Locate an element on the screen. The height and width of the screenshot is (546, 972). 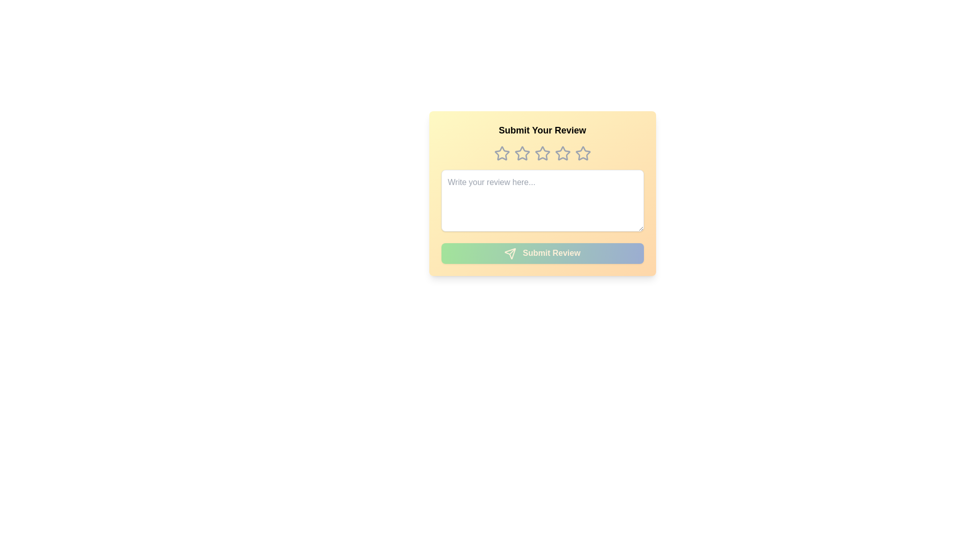
the second star in the horizontal row of five stars is located at coordinates (522, 153).